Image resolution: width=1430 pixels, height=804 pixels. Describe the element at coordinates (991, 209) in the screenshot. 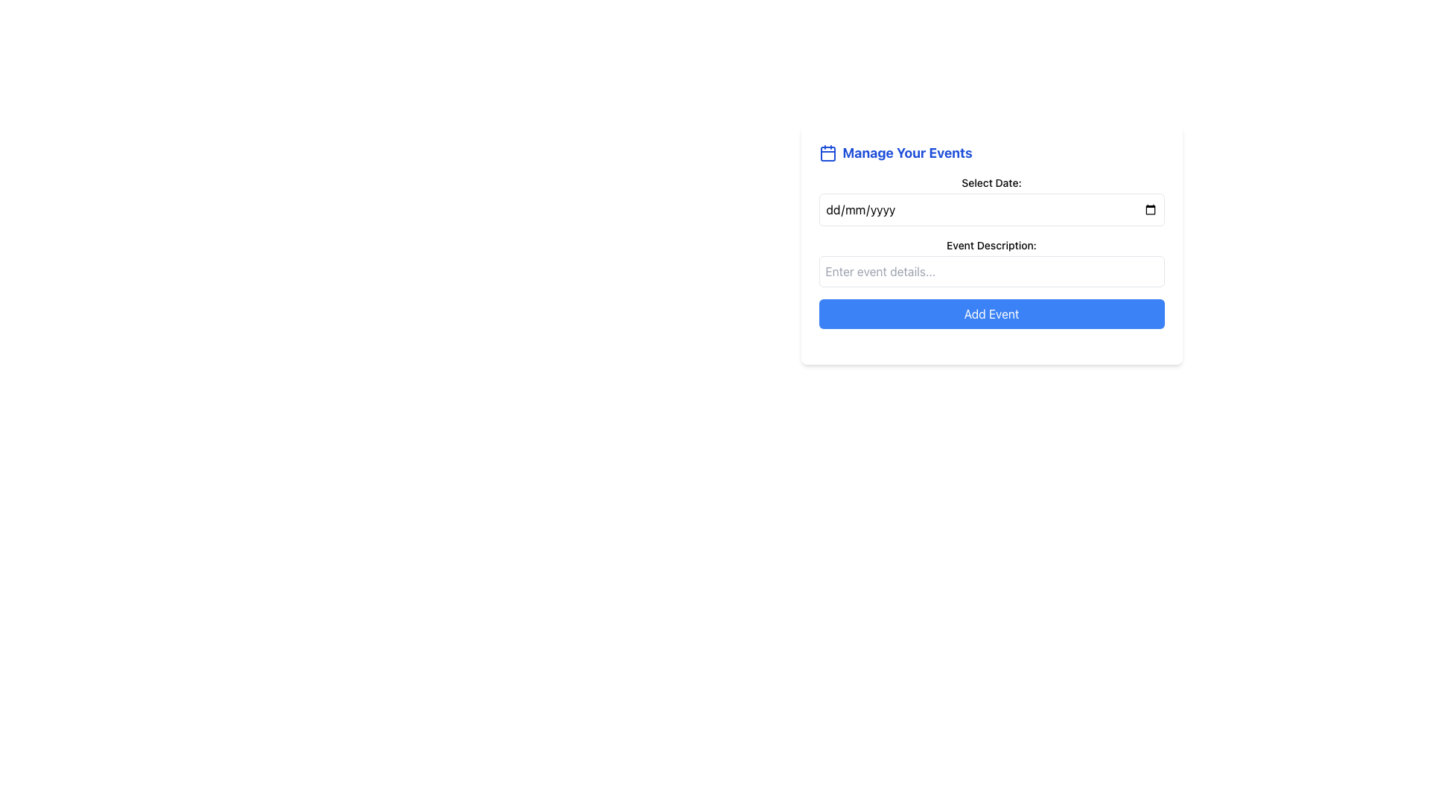

I see `a date using the date picker by clicking on the Date Input Field located below the label 'Select Date:'` at that location.